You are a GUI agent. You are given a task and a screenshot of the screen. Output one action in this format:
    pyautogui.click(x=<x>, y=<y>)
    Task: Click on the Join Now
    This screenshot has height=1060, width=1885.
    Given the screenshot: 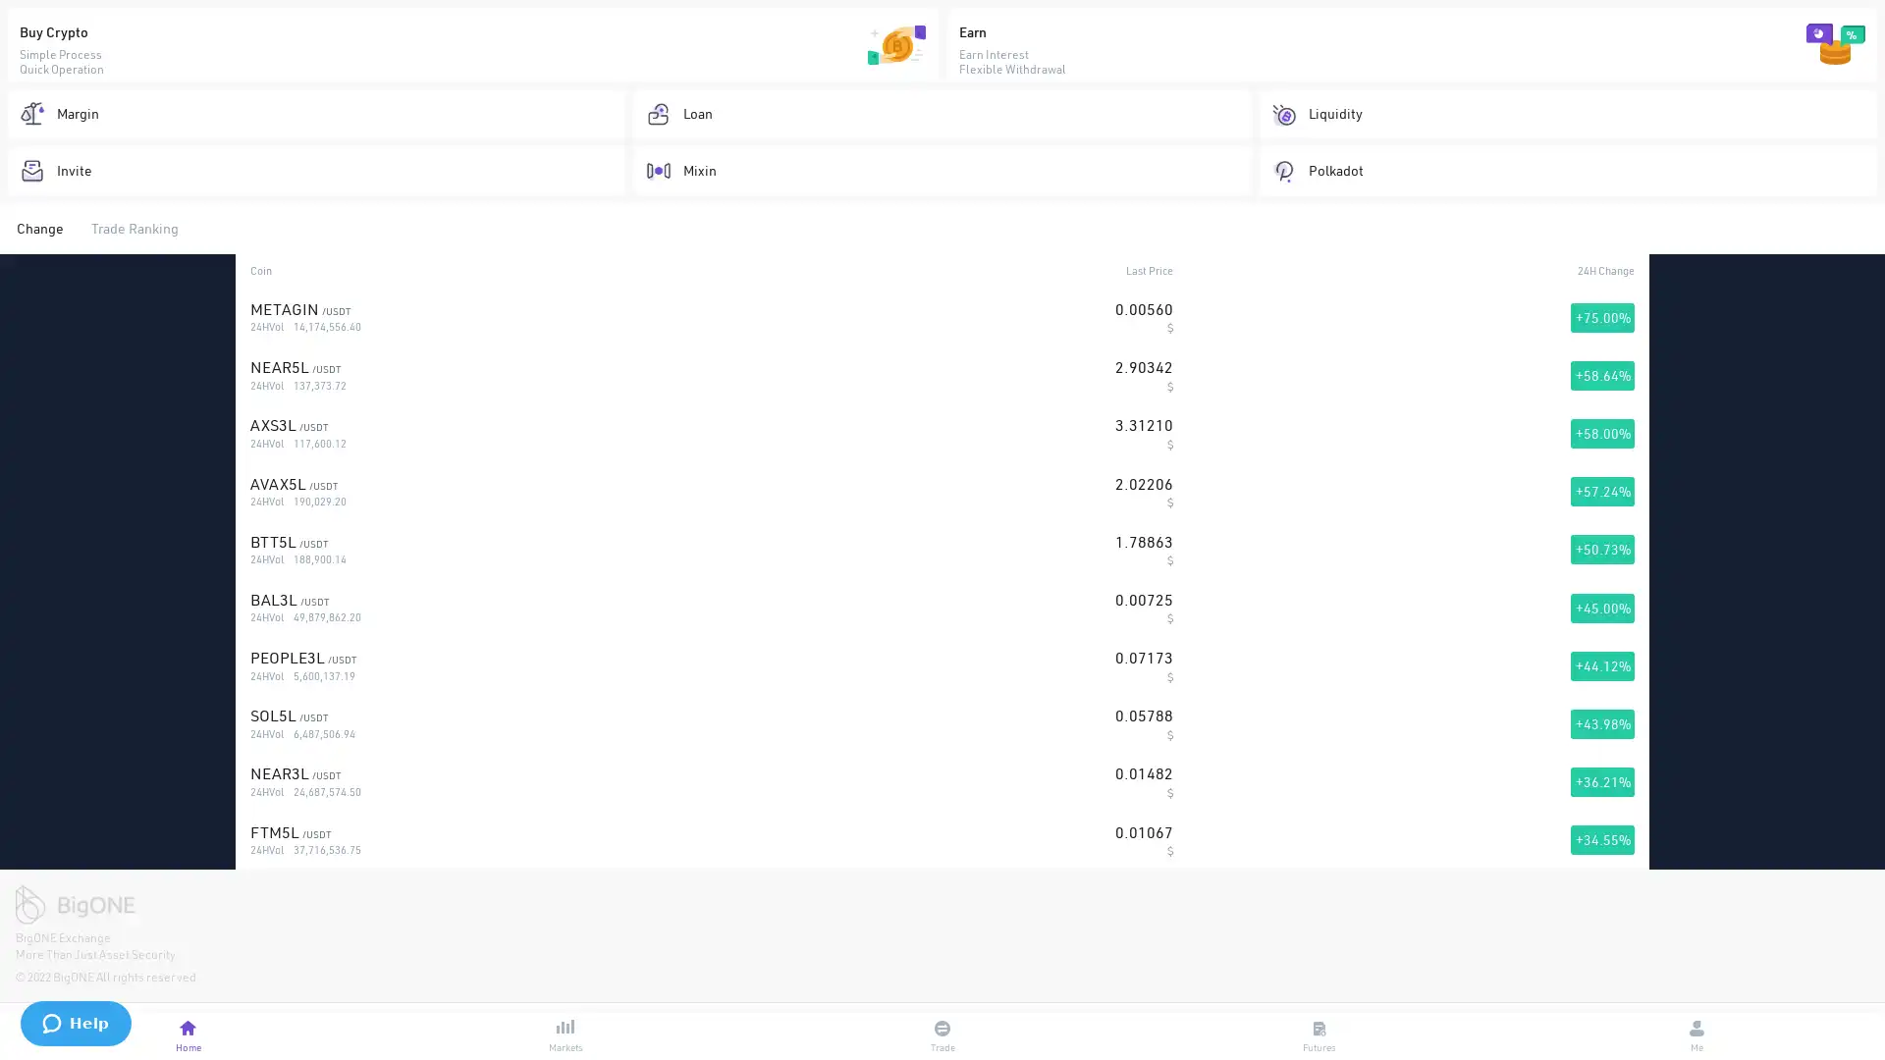 What is the action you would take?
    pyautogui.click(x=422, y=375)
    